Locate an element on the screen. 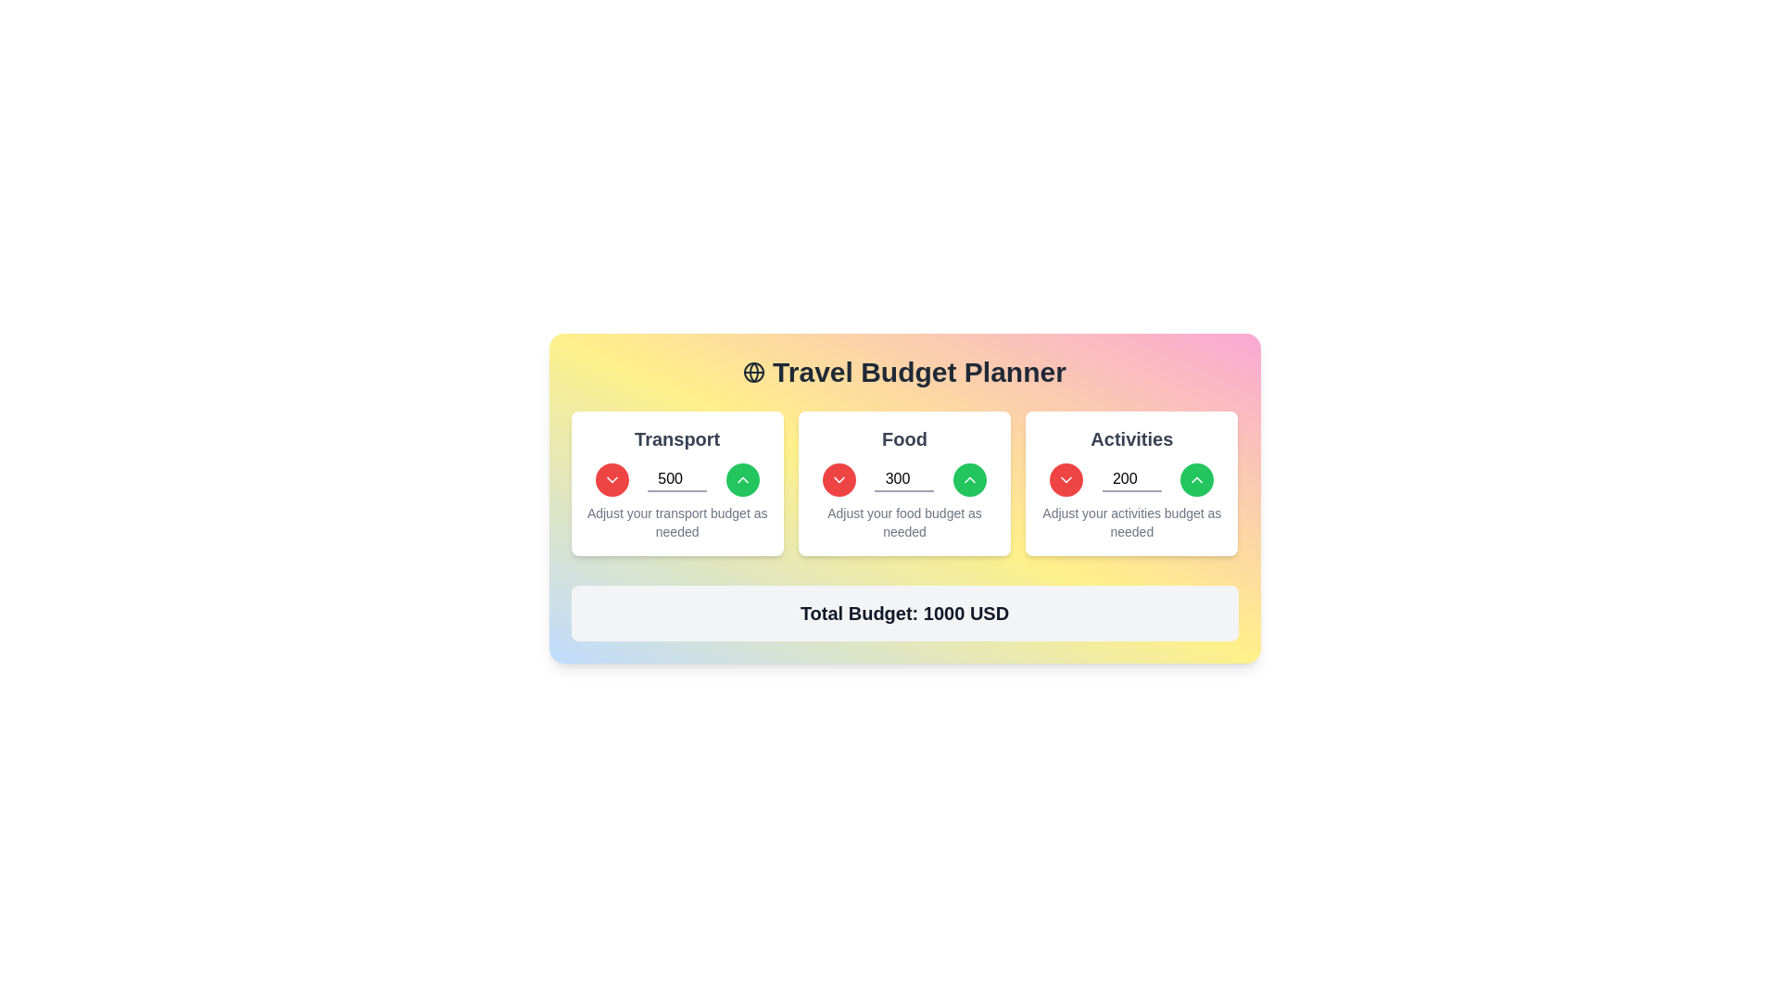  the globe icon in the header section of the application, located to the left of the 'Travel Budget Planner' text, to inspect its visual appearance is located at coordinates (754, 372).